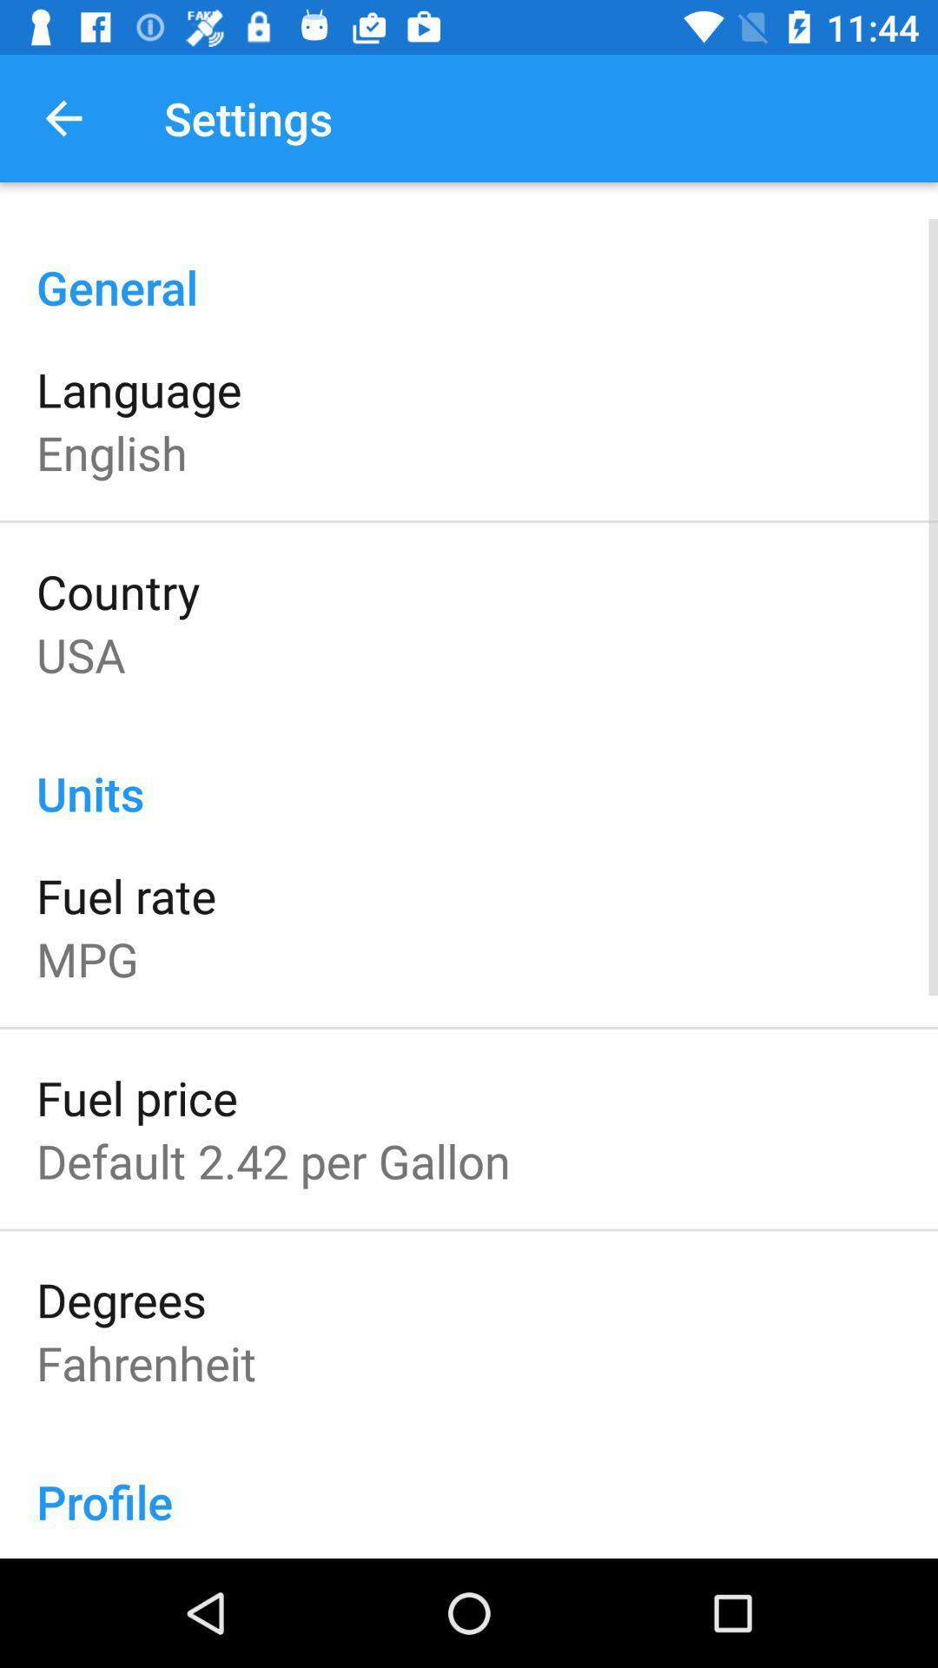 This screenshot has width=938, height=1668. Describe the element at coordinates (469, 774) in the screenshot. I see `units at the center` at that location.